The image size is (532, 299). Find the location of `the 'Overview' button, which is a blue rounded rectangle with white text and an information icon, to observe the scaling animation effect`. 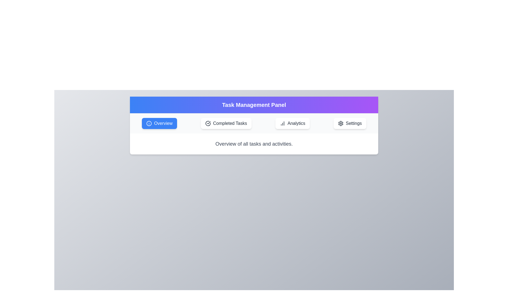

the 'Overview' button, which is a blue rounded rectangle with white text and an information icon, to observe the scaling animation effect is located at coordinates (159, 123).